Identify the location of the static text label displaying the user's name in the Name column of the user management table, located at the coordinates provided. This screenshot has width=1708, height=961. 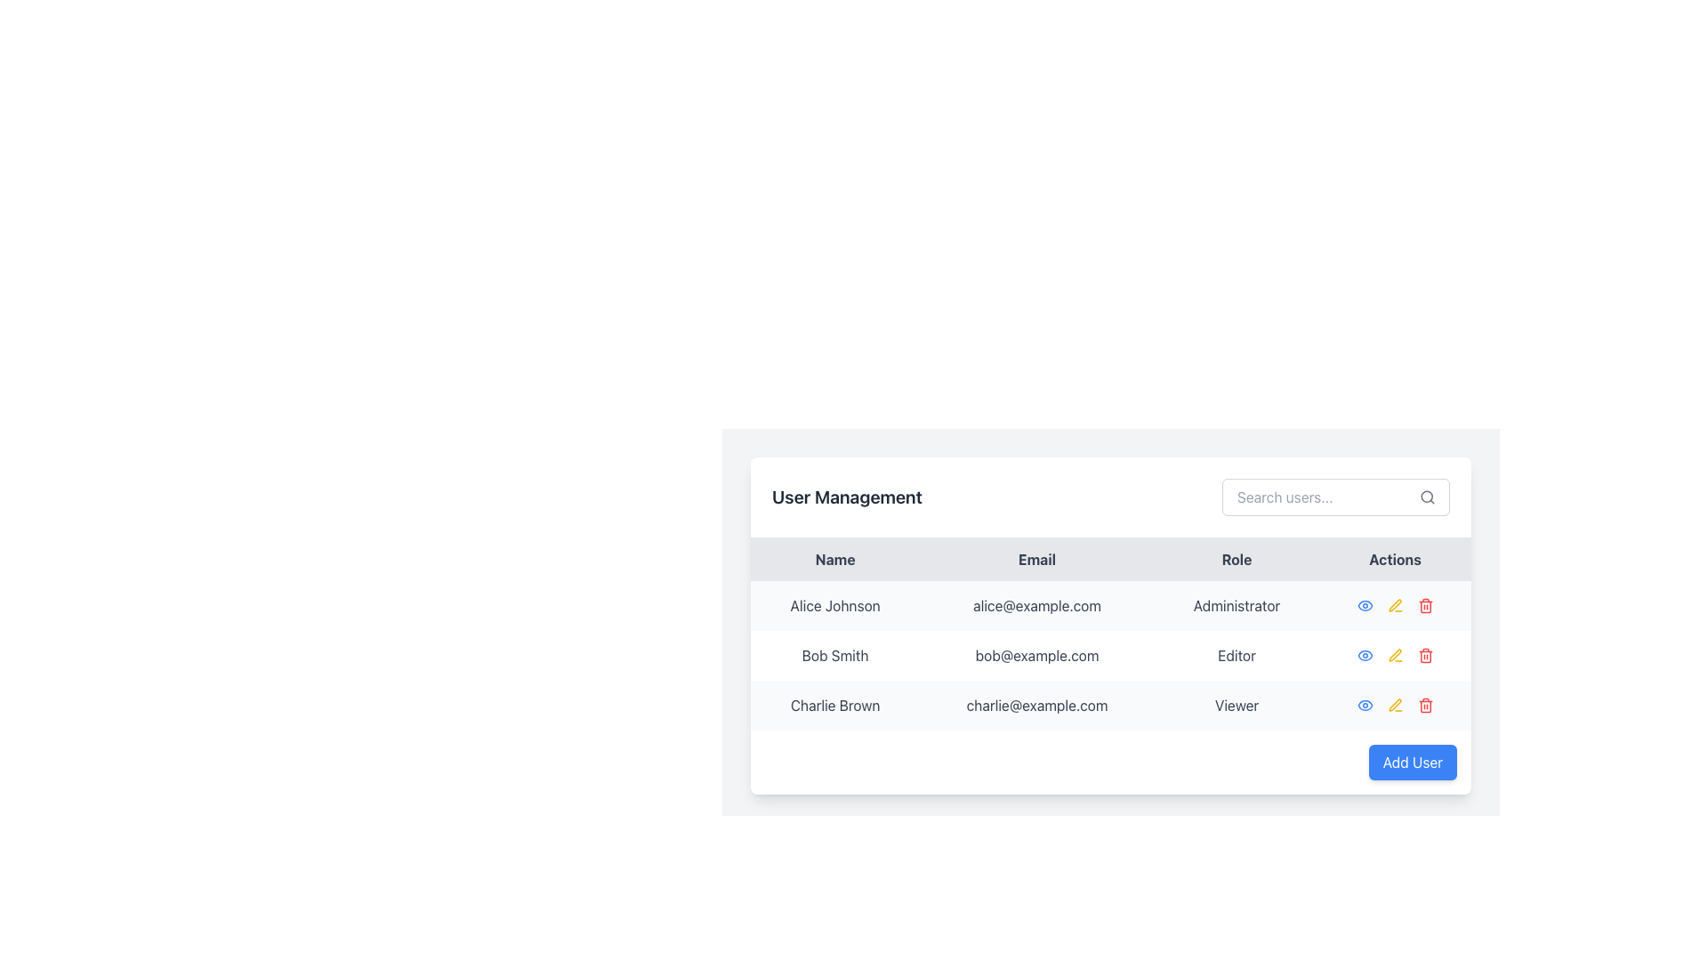
(834, 655).